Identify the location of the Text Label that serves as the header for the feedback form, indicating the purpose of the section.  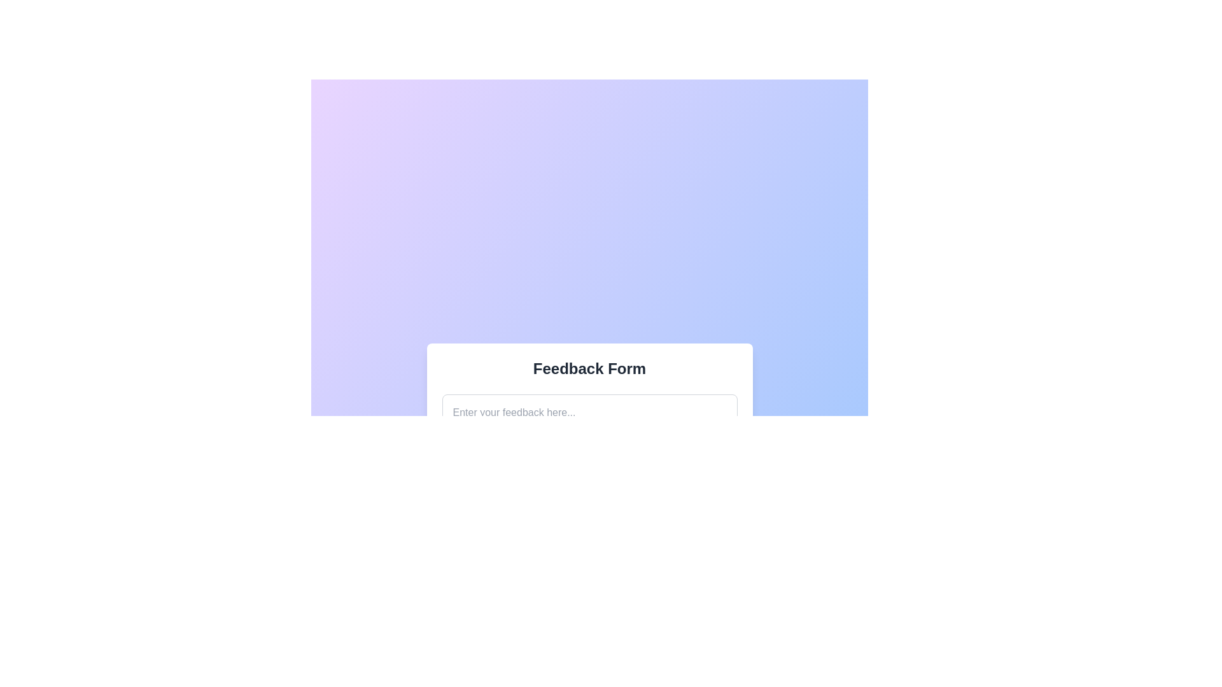
(589, 369).